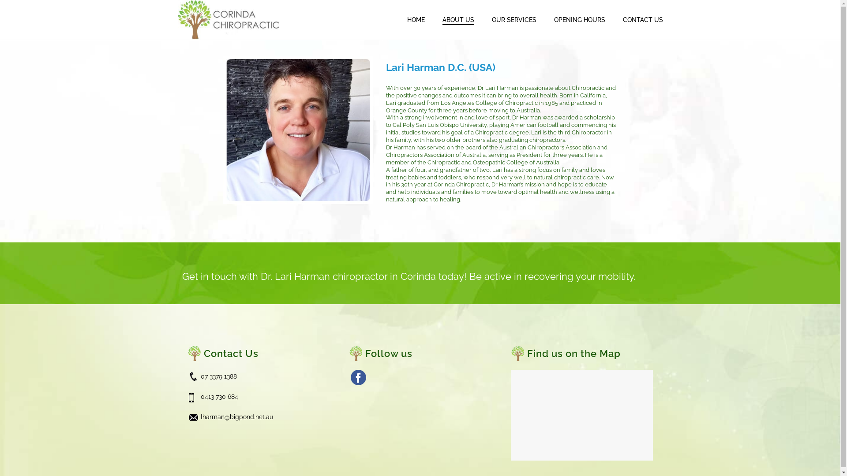 This screenshot has height=476, width=847. What do you see at coordinates (580, 20) in the screenshot?
I see `'OPENING HOURS'` at bounding box center [580, 20].